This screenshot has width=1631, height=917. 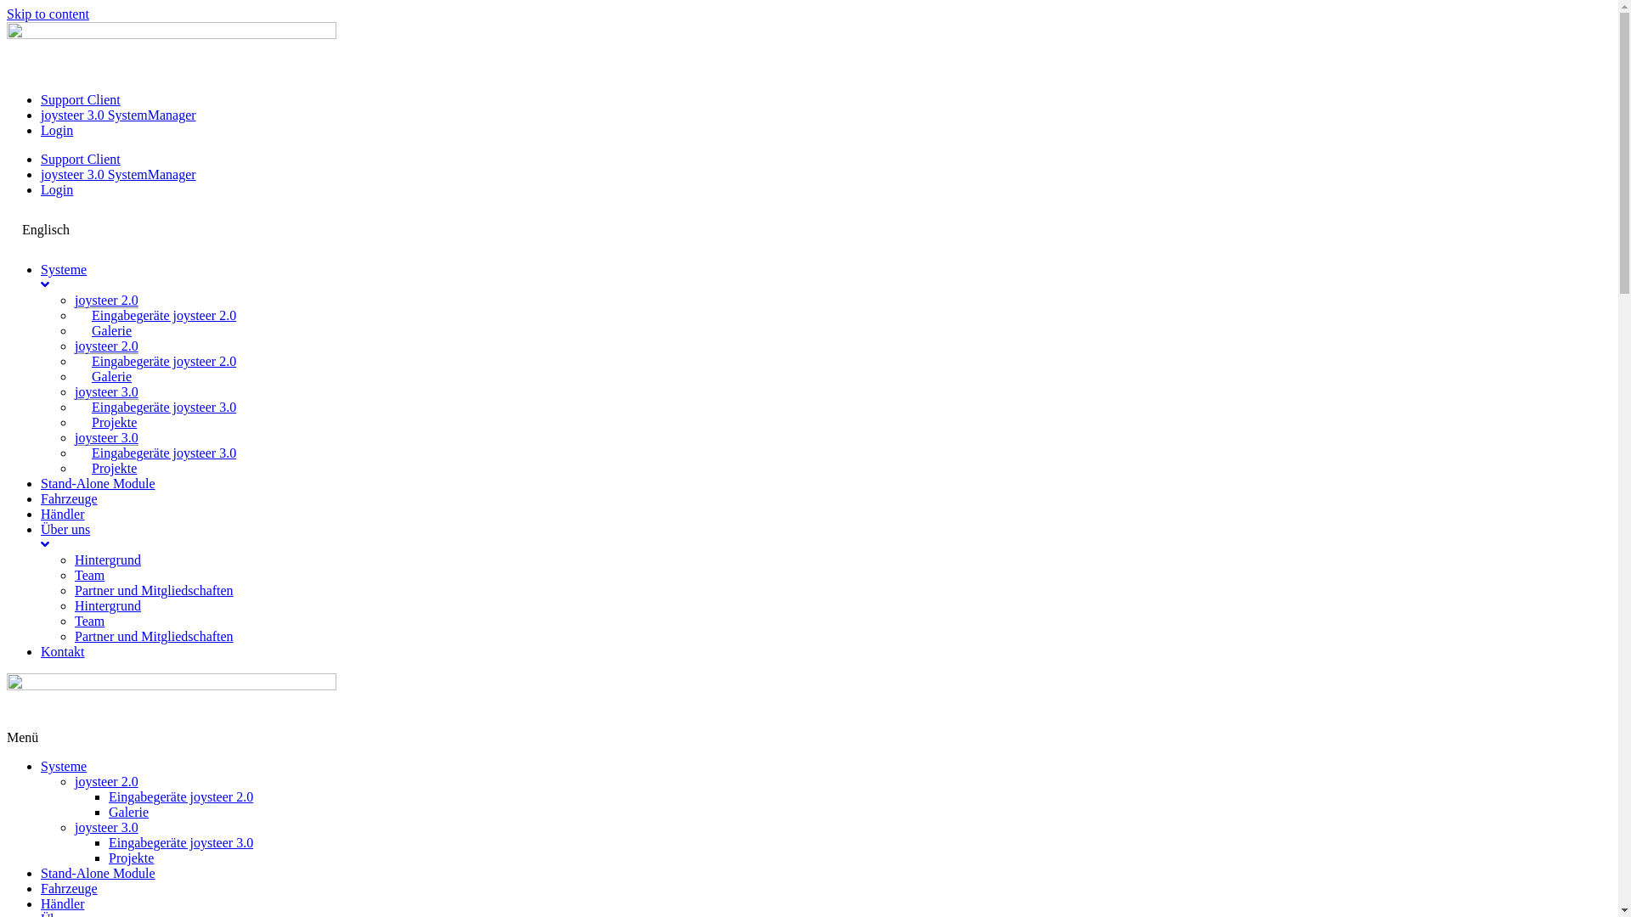 What do you see at coordinates (73, 589) in the screenshot?
I see `'Partner und Mitgliedschaften'` at bounding box center [73, 589].